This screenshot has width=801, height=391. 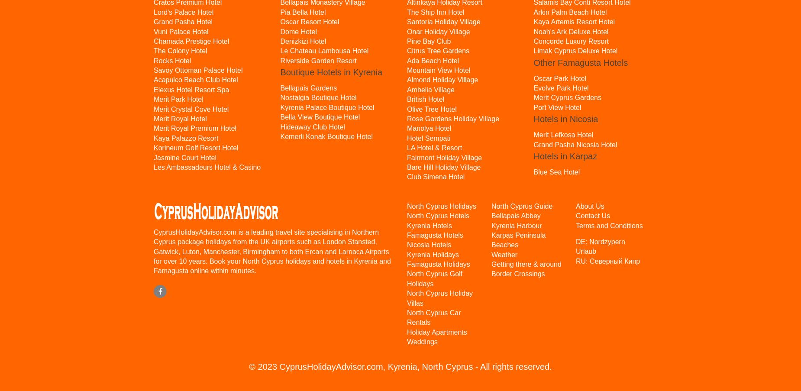 I want to click on 'Holiday Apartments', so click(x=406, y=332).